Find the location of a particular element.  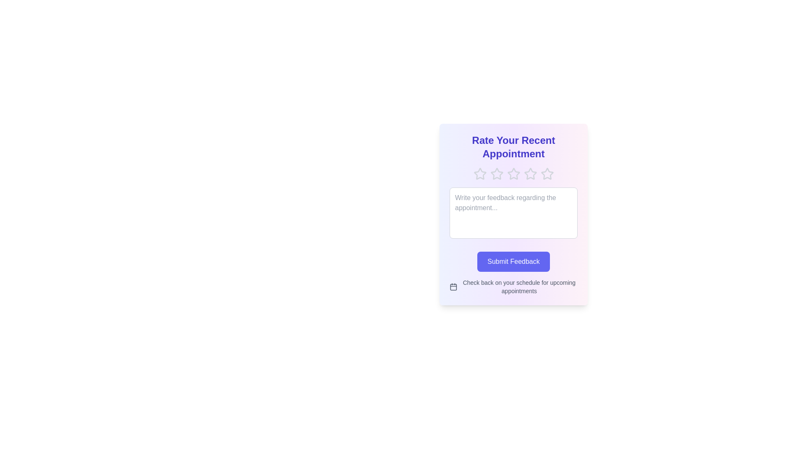

the star corresponding to 1 to preview the rating is located at coordinates (480, 174).